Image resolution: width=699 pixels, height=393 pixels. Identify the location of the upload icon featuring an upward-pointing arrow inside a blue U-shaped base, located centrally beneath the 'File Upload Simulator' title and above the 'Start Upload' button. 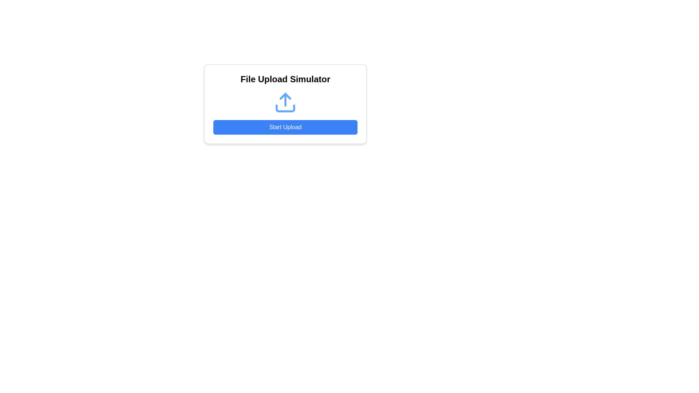
(285, 102).